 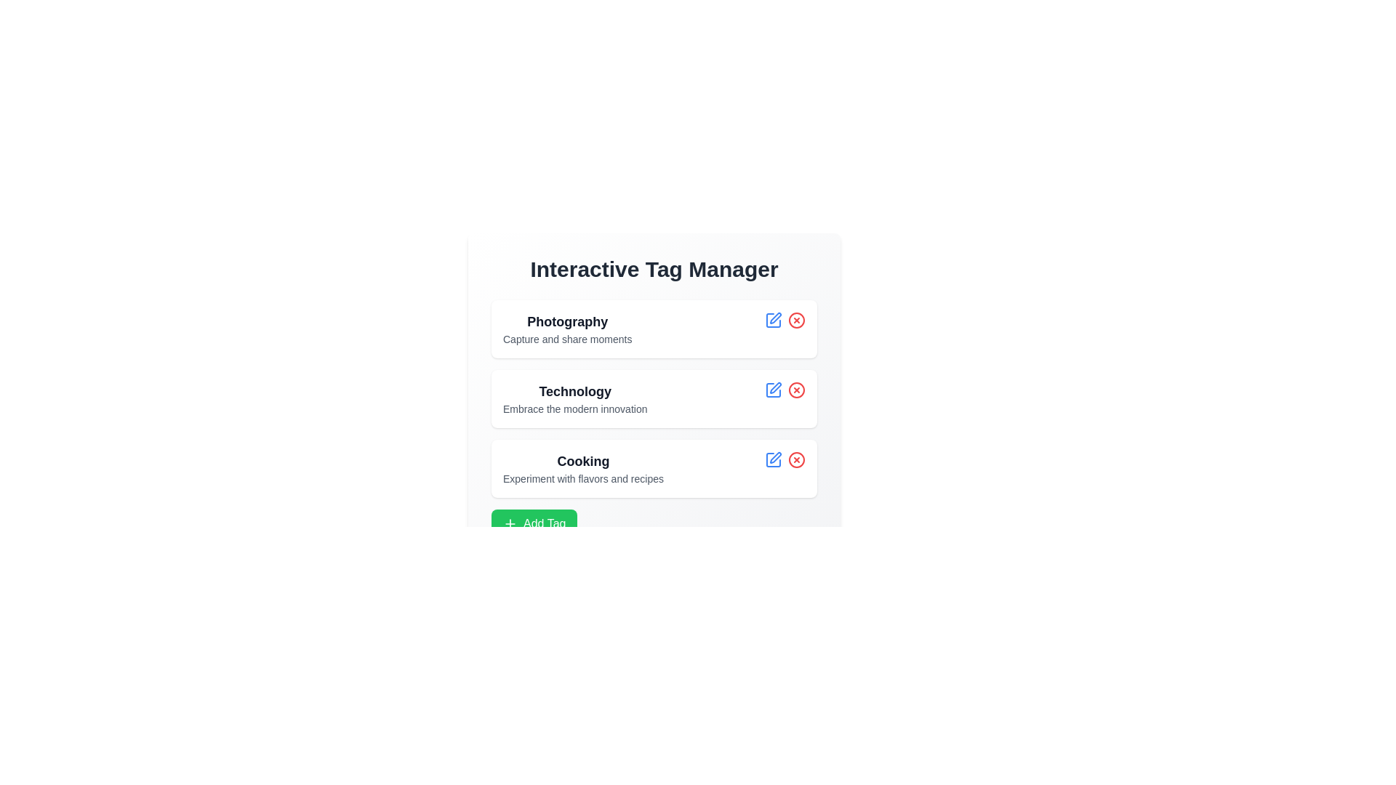 What do you see at coordinates (510, 524) in the screenshot?
I see `the Plus sign icon located inside the green 'Add Tag' button` at bounding box center [510, 524].